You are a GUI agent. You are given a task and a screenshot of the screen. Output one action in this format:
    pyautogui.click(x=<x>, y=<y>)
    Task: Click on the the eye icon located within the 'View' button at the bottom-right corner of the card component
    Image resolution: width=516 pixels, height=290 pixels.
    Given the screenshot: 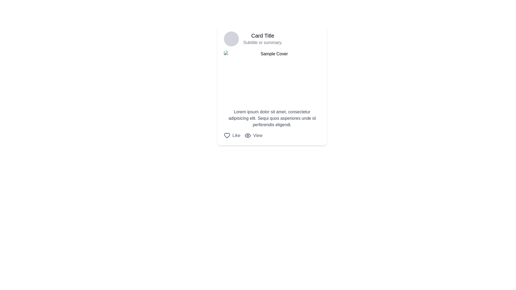 What is the action you would take?
    pyautogui.click(x=247, y=135)
    